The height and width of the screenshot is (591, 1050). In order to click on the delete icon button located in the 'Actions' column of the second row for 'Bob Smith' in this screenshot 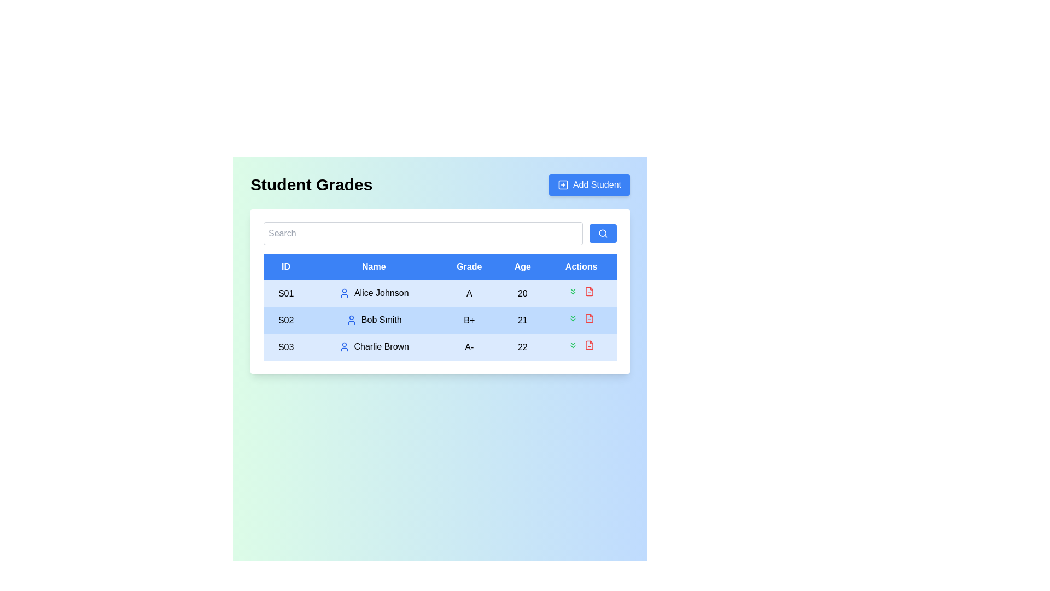, I will do `click(589, 318)`.